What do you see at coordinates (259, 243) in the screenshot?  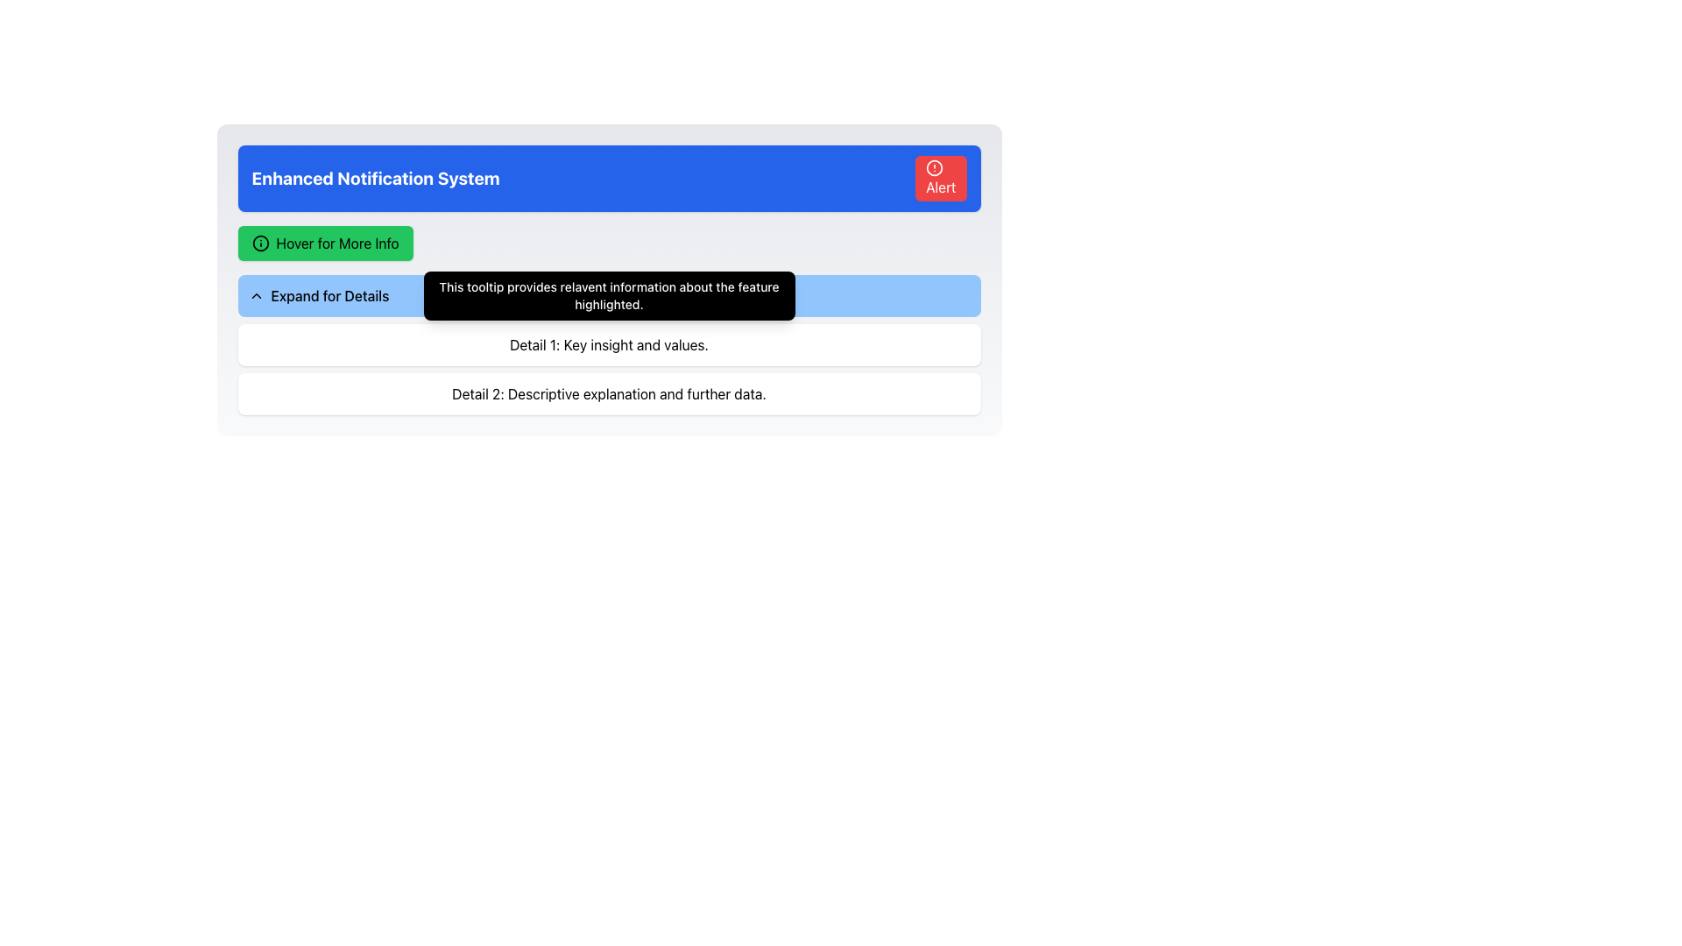 I see `the circular information icon with a green background, located to the left of the 'Hover for More Info' button below the 'Enhanced Notification System' title` at bounding box center [259, 243].